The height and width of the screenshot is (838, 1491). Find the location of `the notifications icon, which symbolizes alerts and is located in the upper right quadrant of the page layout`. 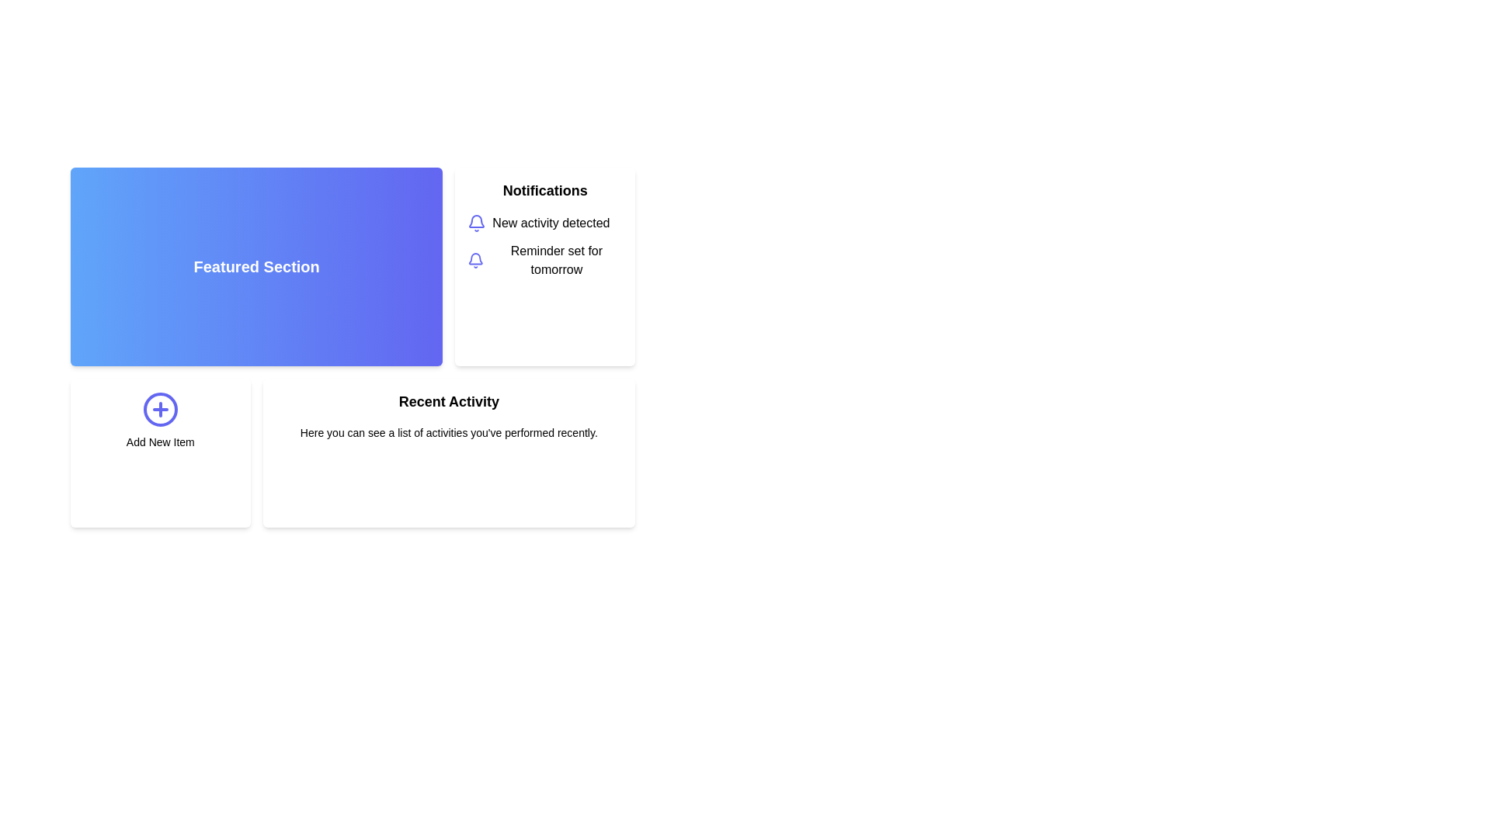

the notifications icon, which symbolizes alerts and is located in the upper right quadrant of the page layout is located at coordinates (476, 221).